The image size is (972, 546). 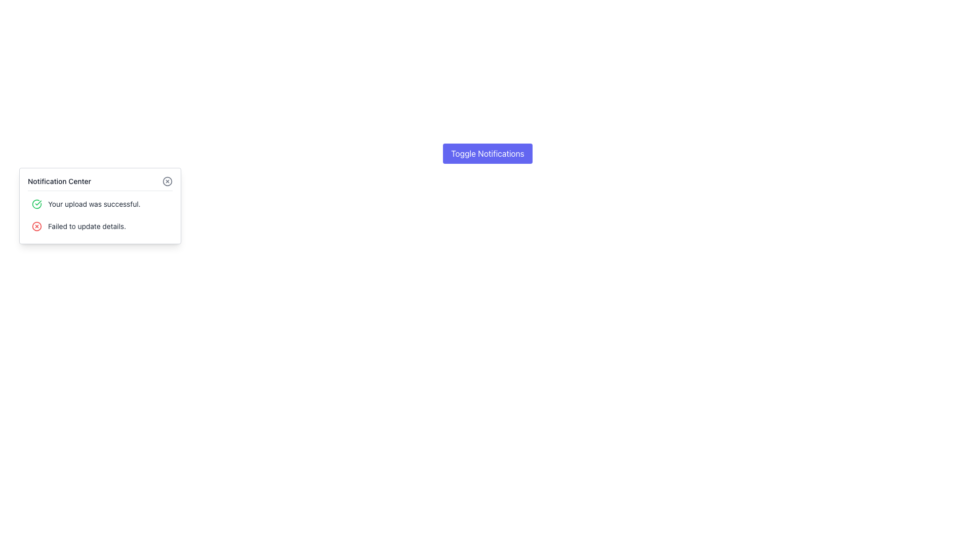 I want to click on the 'Toggle Notifications' button with an indigo background and white text, so click(x=488, y=154).